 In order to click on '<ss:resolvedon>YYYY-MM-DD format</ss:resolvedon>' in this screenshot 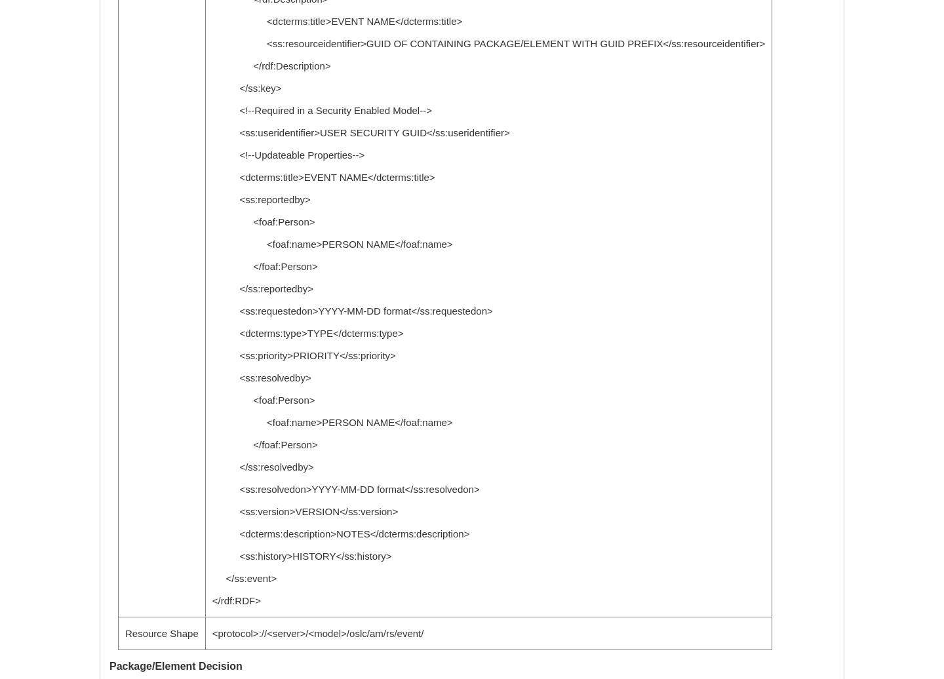, I will do `click(345, 489)`.